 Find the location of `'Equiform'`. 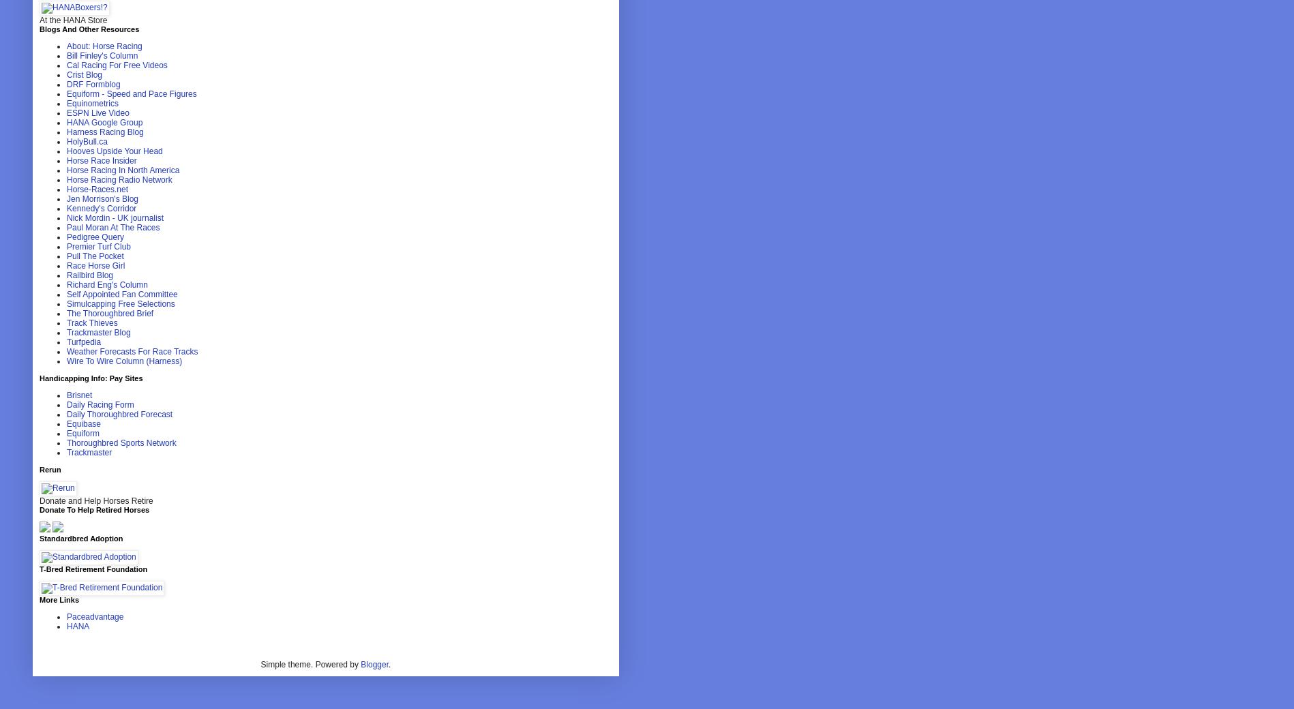

'Equiform' is located at coordinates (83, 432).